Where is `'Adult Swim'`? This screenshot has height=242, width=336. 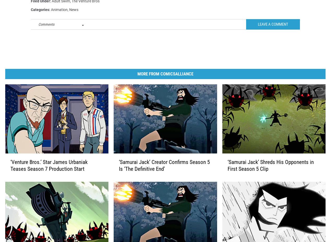
'Adult Swim' is located at coordinates (61, 9).